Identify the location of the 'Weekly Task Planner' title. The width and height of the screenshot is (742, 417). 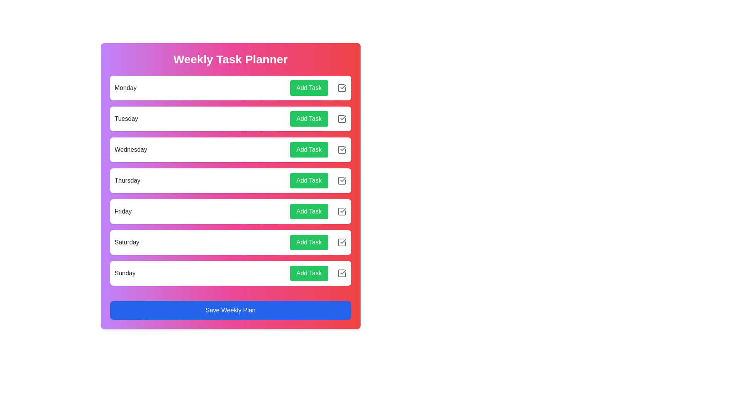
(230, 59).